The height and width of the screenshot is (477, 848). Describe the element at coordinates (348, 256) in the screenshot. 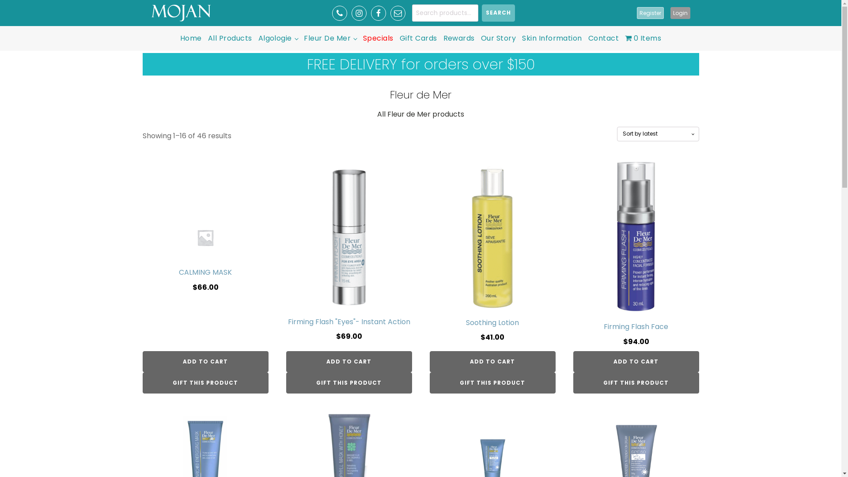

I see `'Firming Flash "Eyes"- Instant Action` at that location.